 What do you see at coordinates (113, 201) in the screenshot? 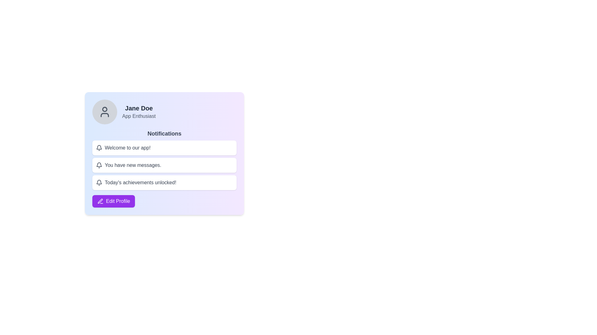
I see `the profile edit button located at the bottom of the notification card` at bounding box center [113, 201].